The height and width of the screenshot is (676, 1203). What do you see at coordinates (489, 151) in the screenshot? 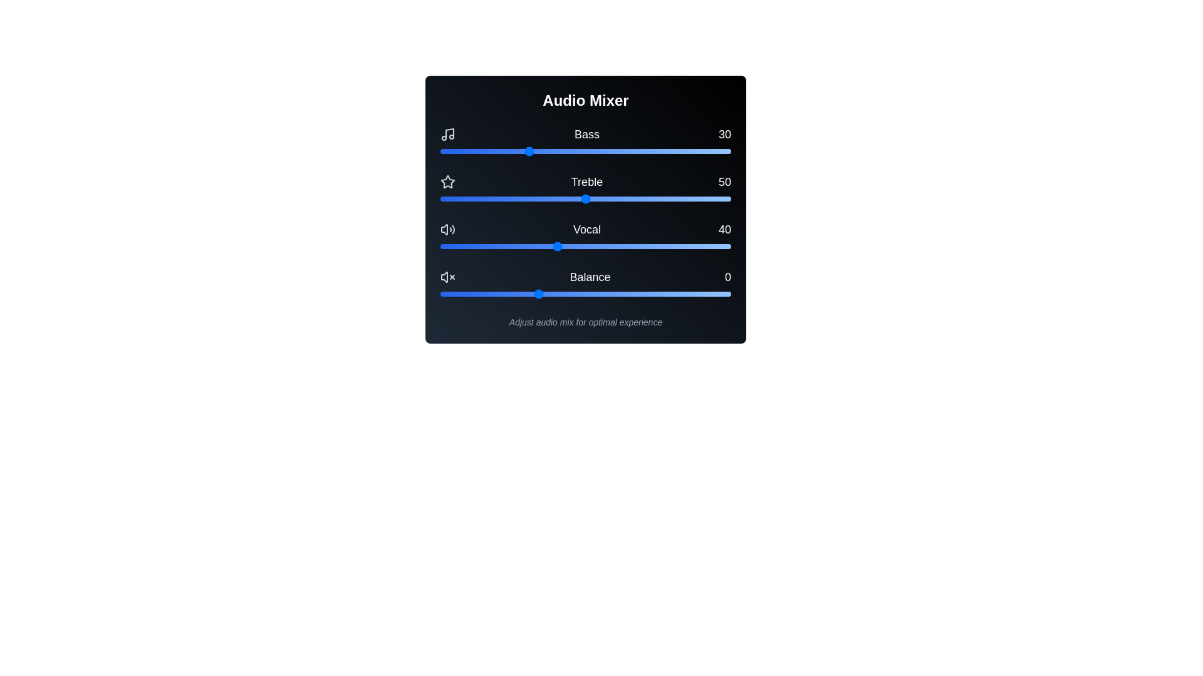
I see `the bass slider to 17 by dragging it to the desired position` at bounding box center [489, 151].